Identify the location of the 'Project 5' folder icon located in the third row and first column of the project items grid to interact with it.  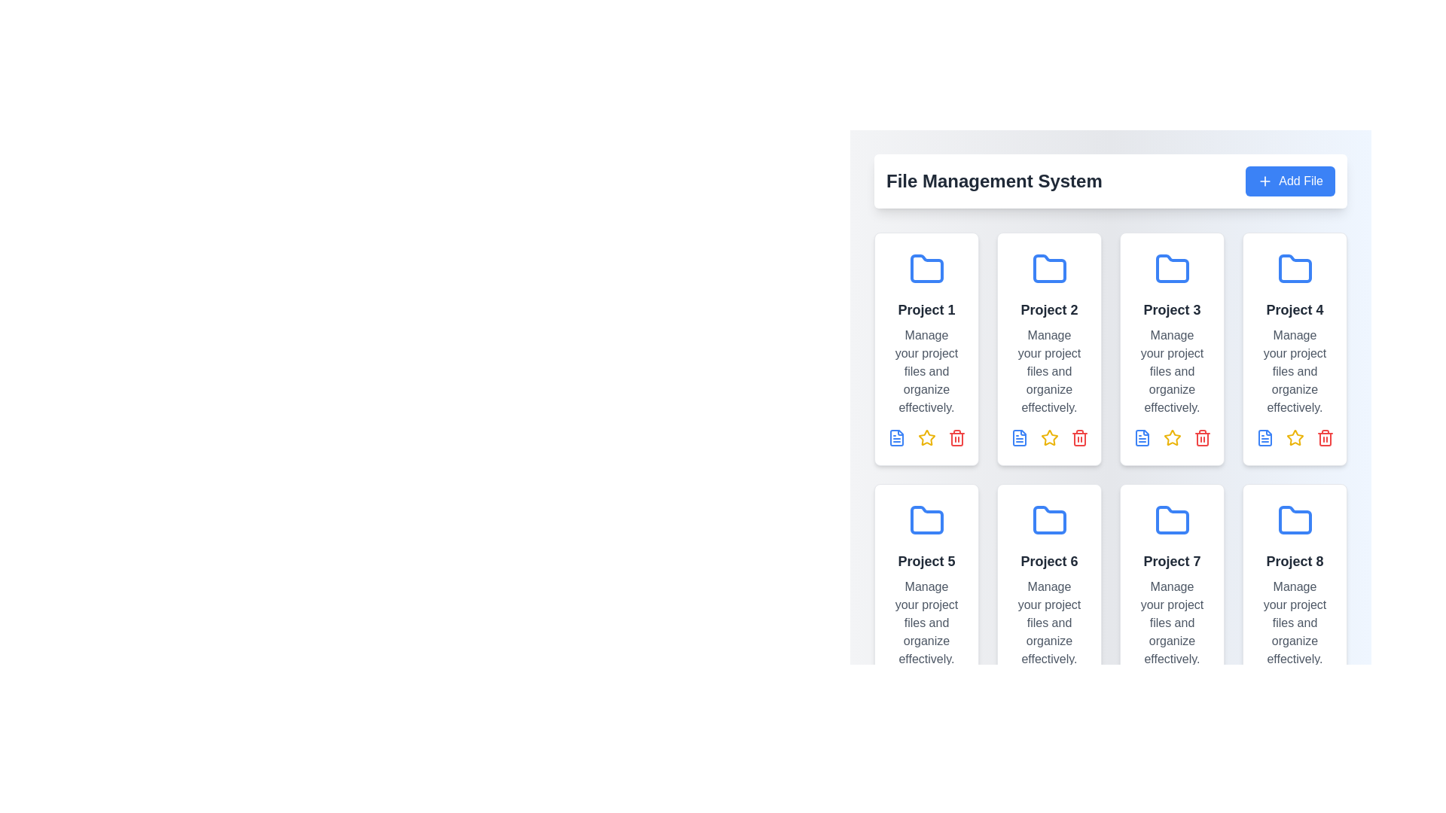
(926, 519).